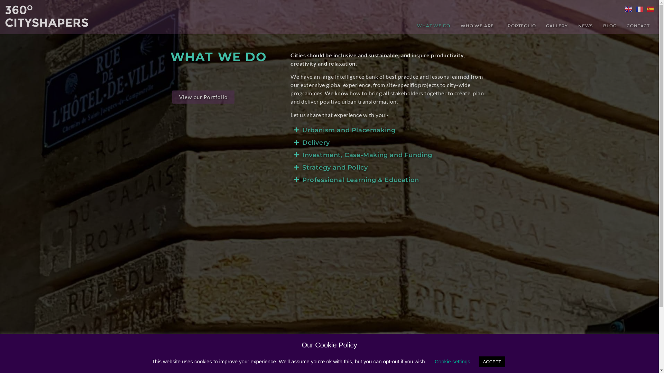  What do you see at coordinates (203, 97) in the screenshot?
I see `'View our Portfolio'` at bounding box center [203, 97].